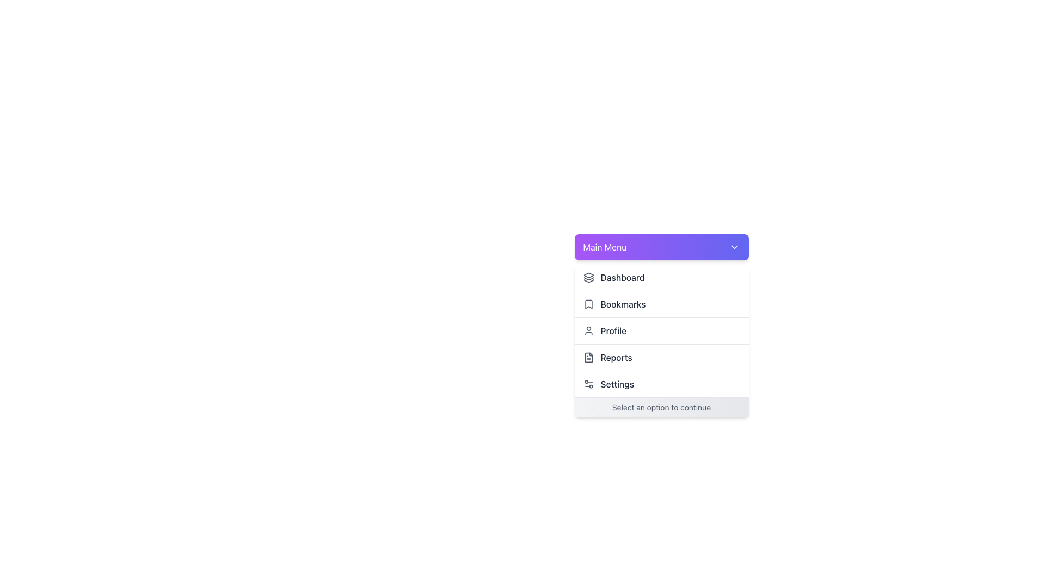 The width and height of the screenshot is (1045, 587). Describe the element at coordinates (661, 383) in the screenshot. I see `the 'Settings' menu item, which is the fifth item in a vertical list within the dropdown menu` at that location.